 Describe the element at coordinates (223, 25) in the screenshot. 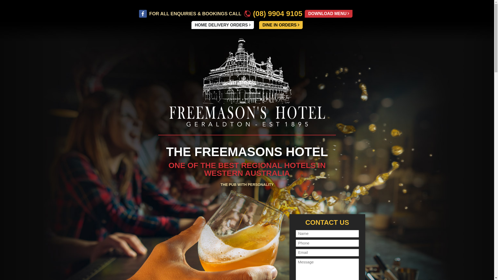

I see `'HOME DELIVERY ORDERS'` at that location.